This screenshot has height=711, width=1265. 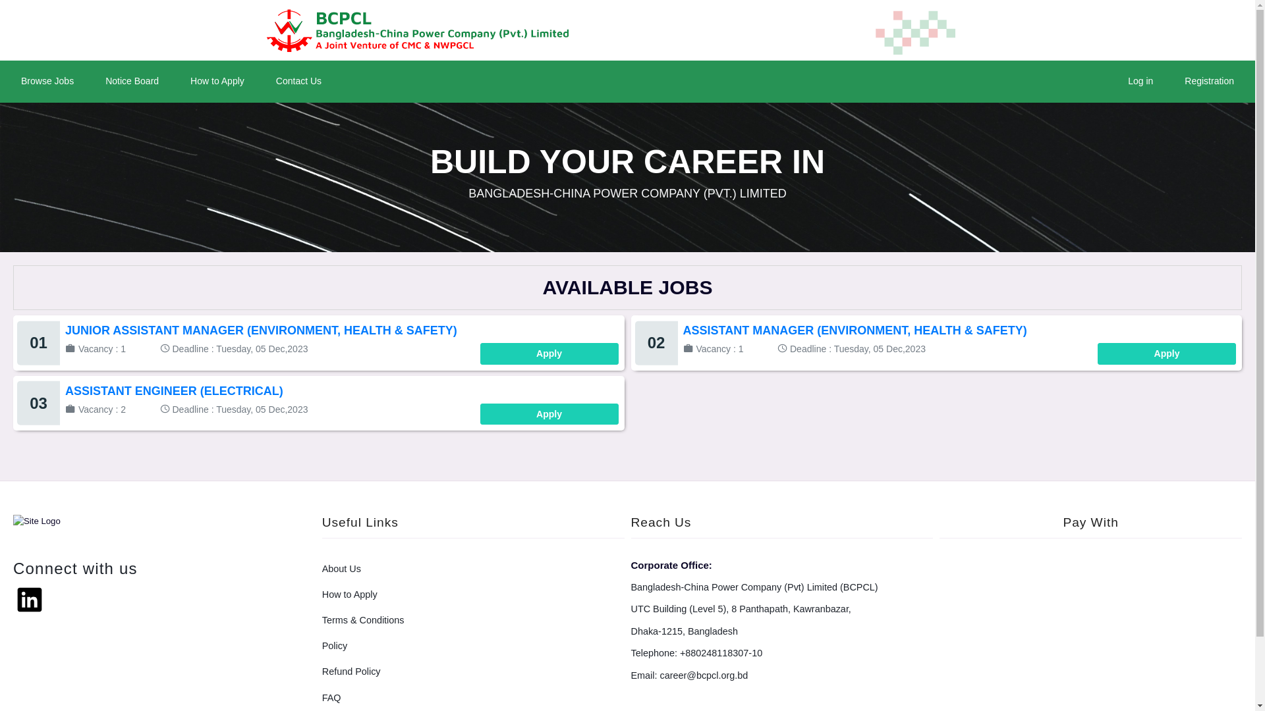 I want to click on 'How to Apply', so click(x=217, y=81).